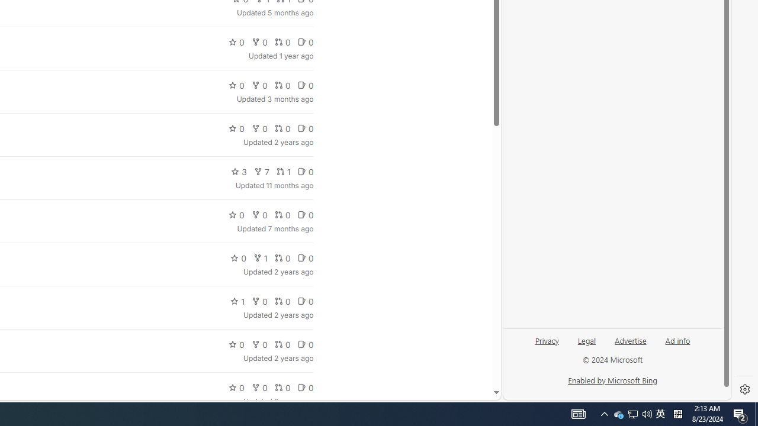 The image size is (758, 426). I want to click on 'Legal', so click(587, 340).